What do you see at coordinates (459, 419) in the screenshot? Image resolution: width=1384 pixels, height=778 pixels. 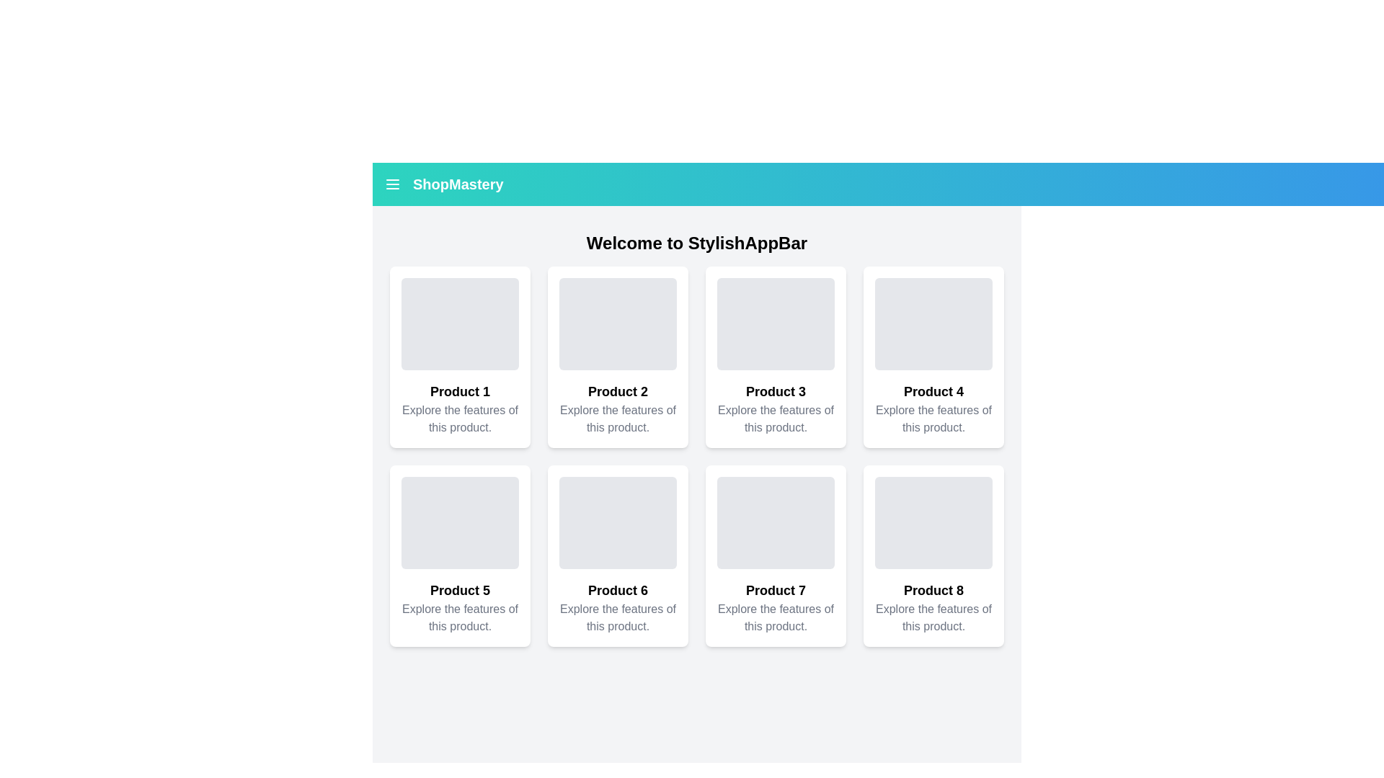 I see `the descriptive label providing additional information about 'Product 1' located in the first card of the grid layout` at bounding box center [459, 419].